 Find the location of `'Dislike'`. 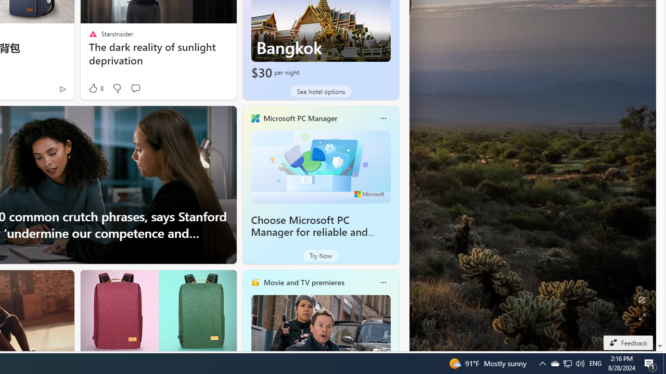

'Dislike' is located at coordinates (117, 88).